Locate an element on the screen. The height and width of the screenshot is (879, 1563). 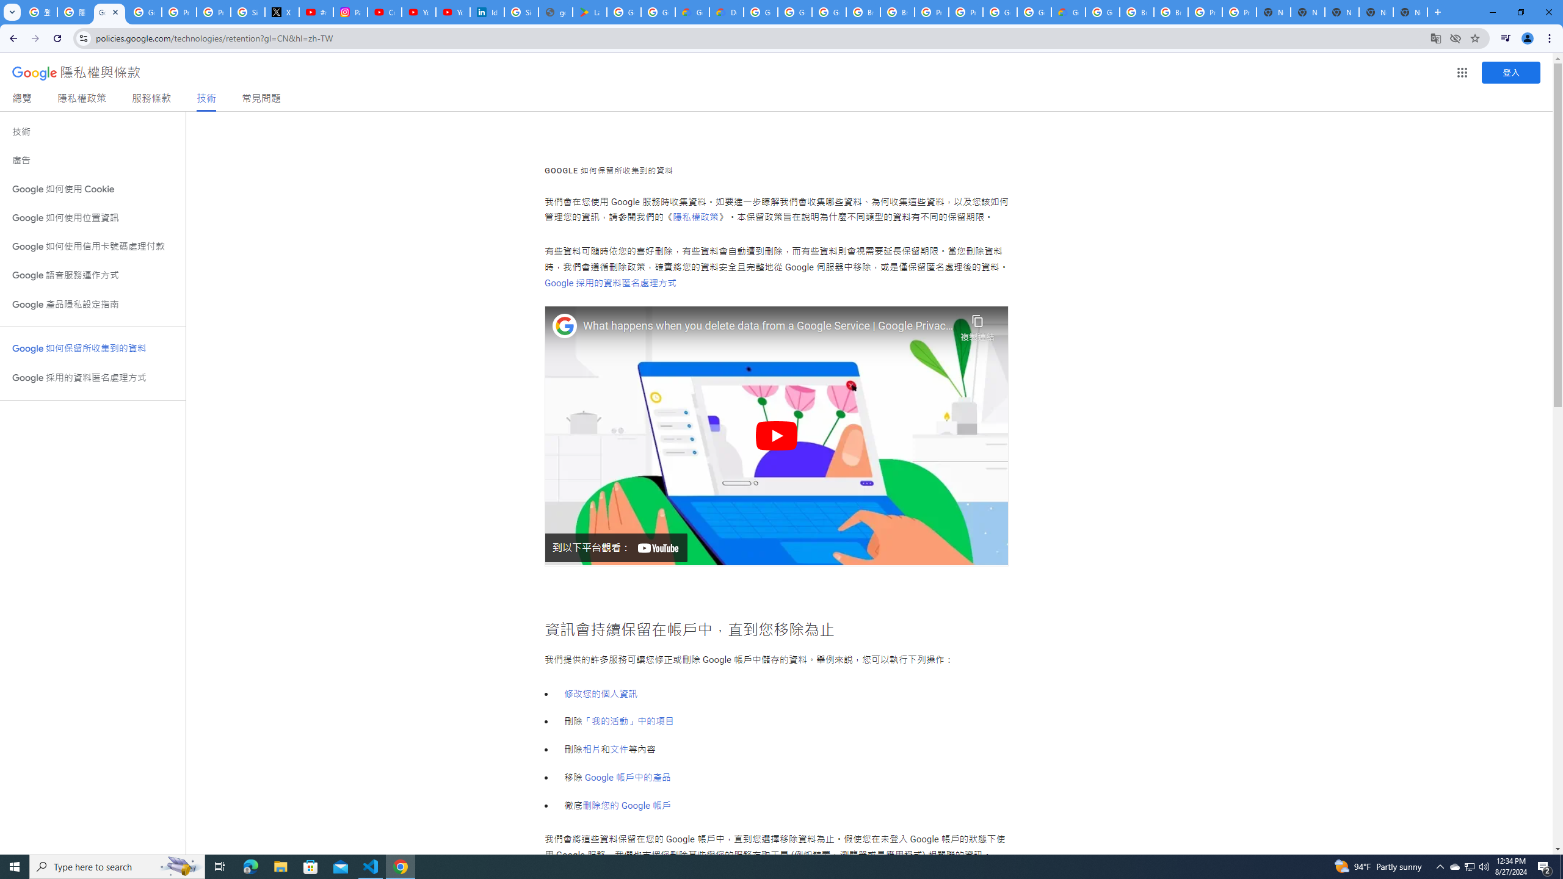
'Last Shelter: Survival - Apps on Google Play' is located at coordinates (590, 12).